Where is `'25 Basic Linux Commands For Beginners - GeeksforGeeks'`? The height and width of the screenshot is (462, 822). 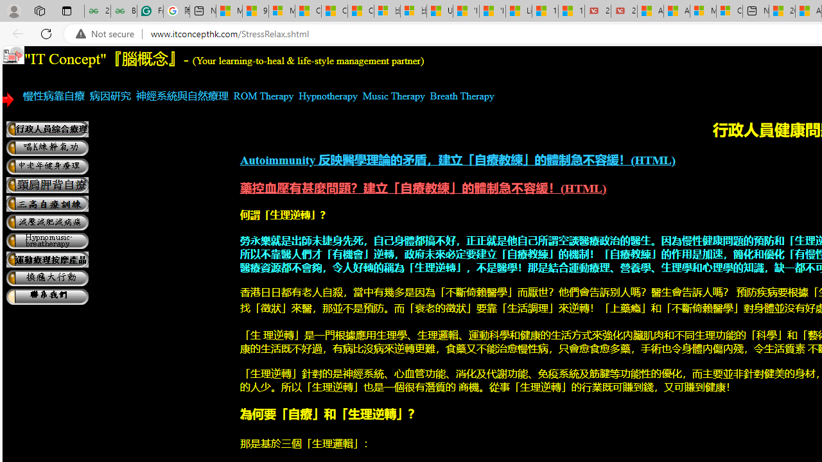
'25 Basic Linux Commands For Beginners - GeeksforGeeks' is located at coordinates (96, 11).